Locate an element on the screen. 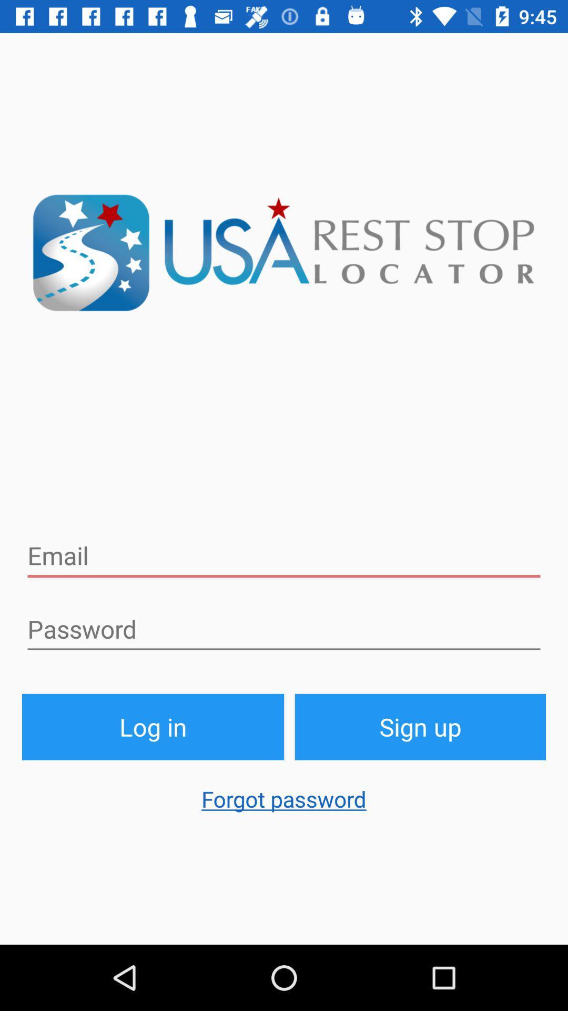 This screenshot has height=1011, width=568. forgot password is located at coordinates (284, 804).